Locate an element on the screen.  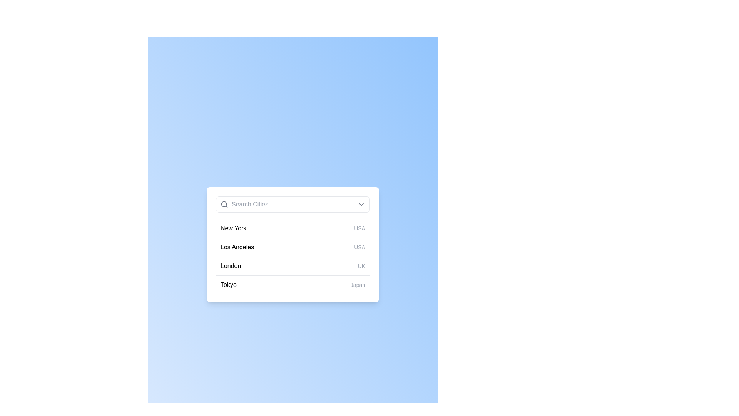
the search icon which visually represents the action of initiating a search, located at the leftmost position of the search bar near the top-center of the interface is located at coordinates (224, 204).